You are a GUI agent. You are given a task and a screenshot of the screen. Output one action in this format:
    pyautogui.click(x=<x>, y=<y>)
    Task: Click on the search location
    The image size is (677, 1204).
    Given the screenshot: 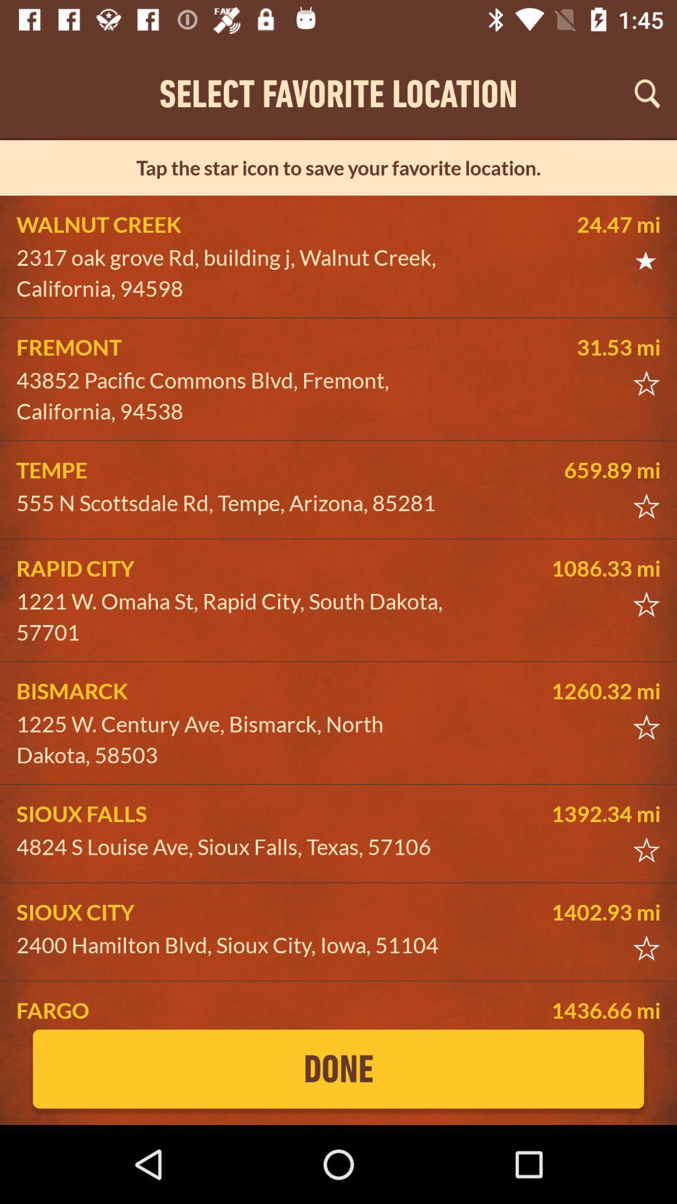 What is the action you would take?
    pyautogui.click(x=647, y=93)
    